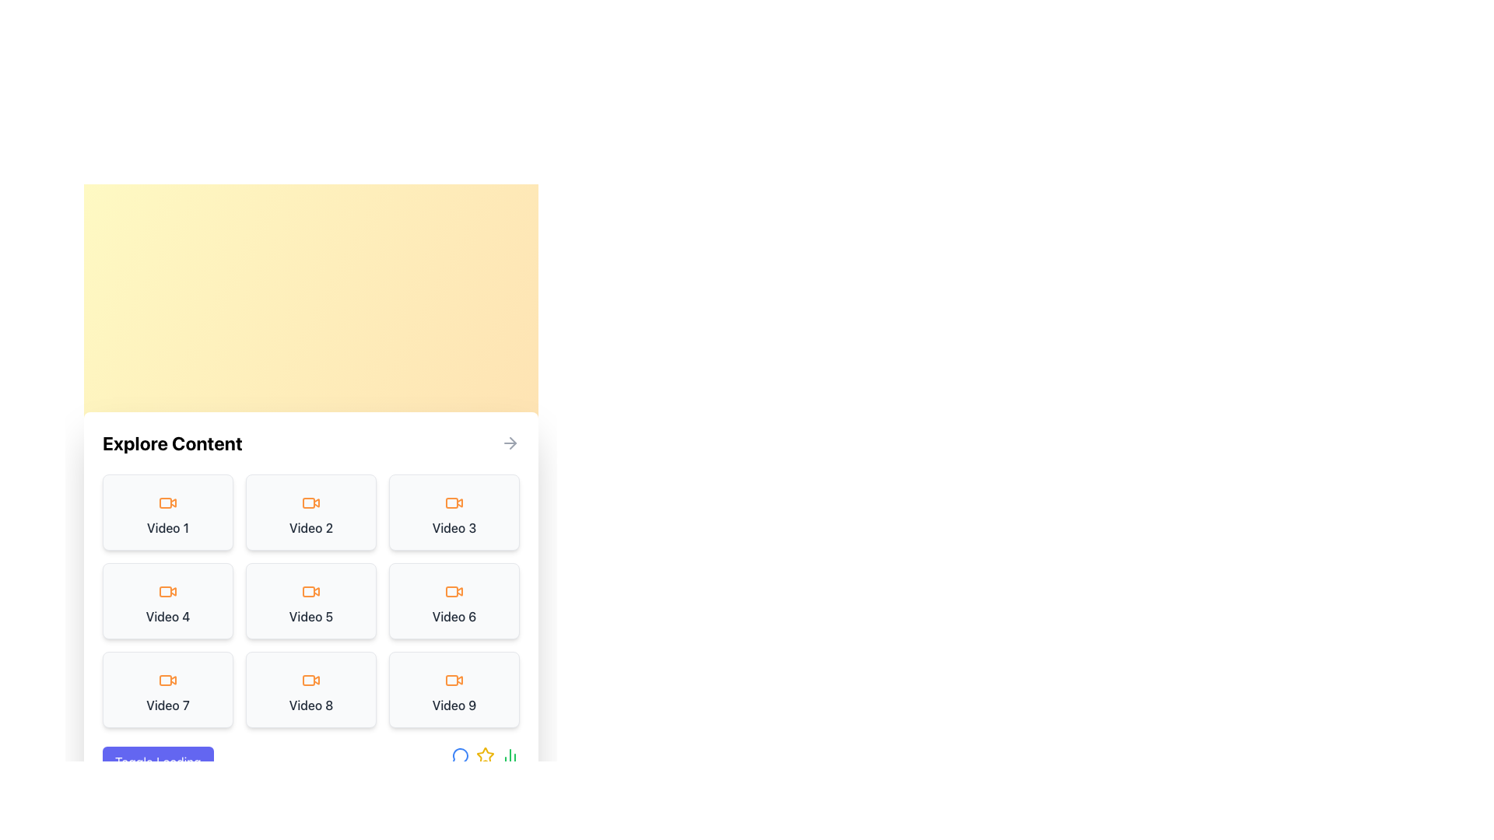 The width and height of the screenshot is (1494, 840). I want to click on the video icon element that visually indicates the content of the card labeled 'Video 2' in the grid of video cards under 'Explore Content', so click(309, 503).